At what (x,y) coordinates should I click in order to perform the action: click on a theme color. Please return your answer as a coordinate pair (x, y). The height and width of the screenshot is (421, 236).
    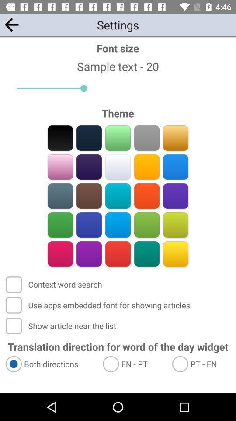
    Looking at the image, I should click on (60, 196).